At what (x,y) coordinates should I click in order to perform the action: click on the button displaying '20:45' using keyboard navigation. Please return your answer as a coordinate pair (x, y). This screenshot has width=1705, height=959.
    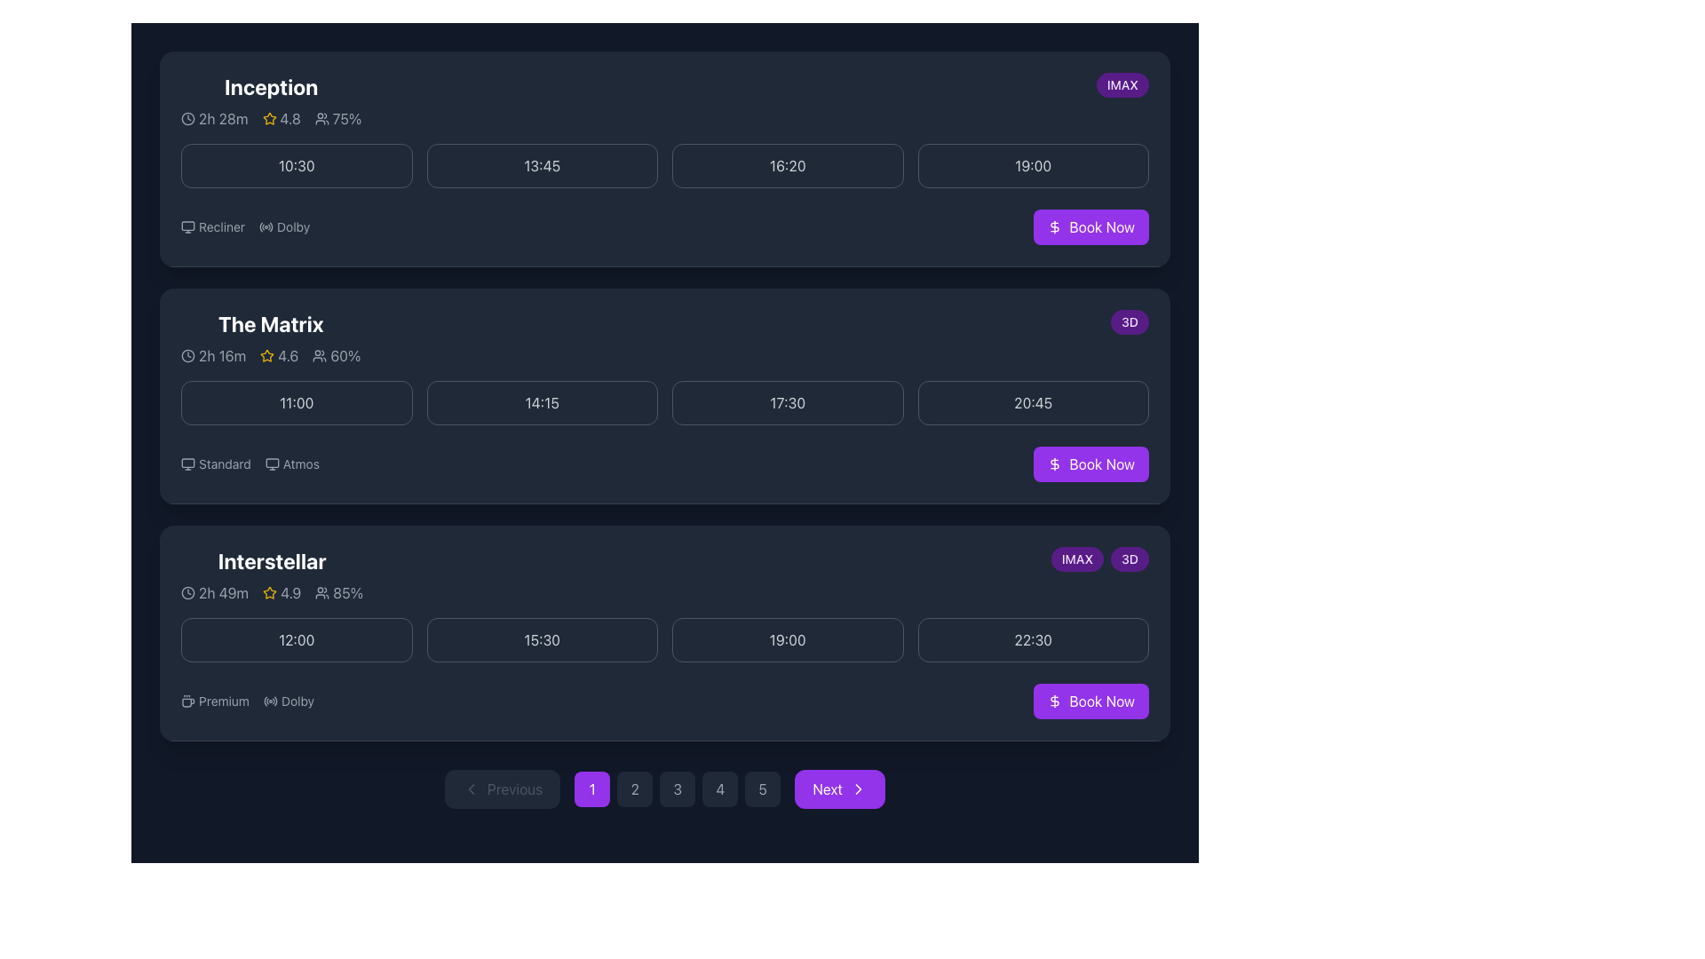
    Looking at the image, I should click on (1033, 403).